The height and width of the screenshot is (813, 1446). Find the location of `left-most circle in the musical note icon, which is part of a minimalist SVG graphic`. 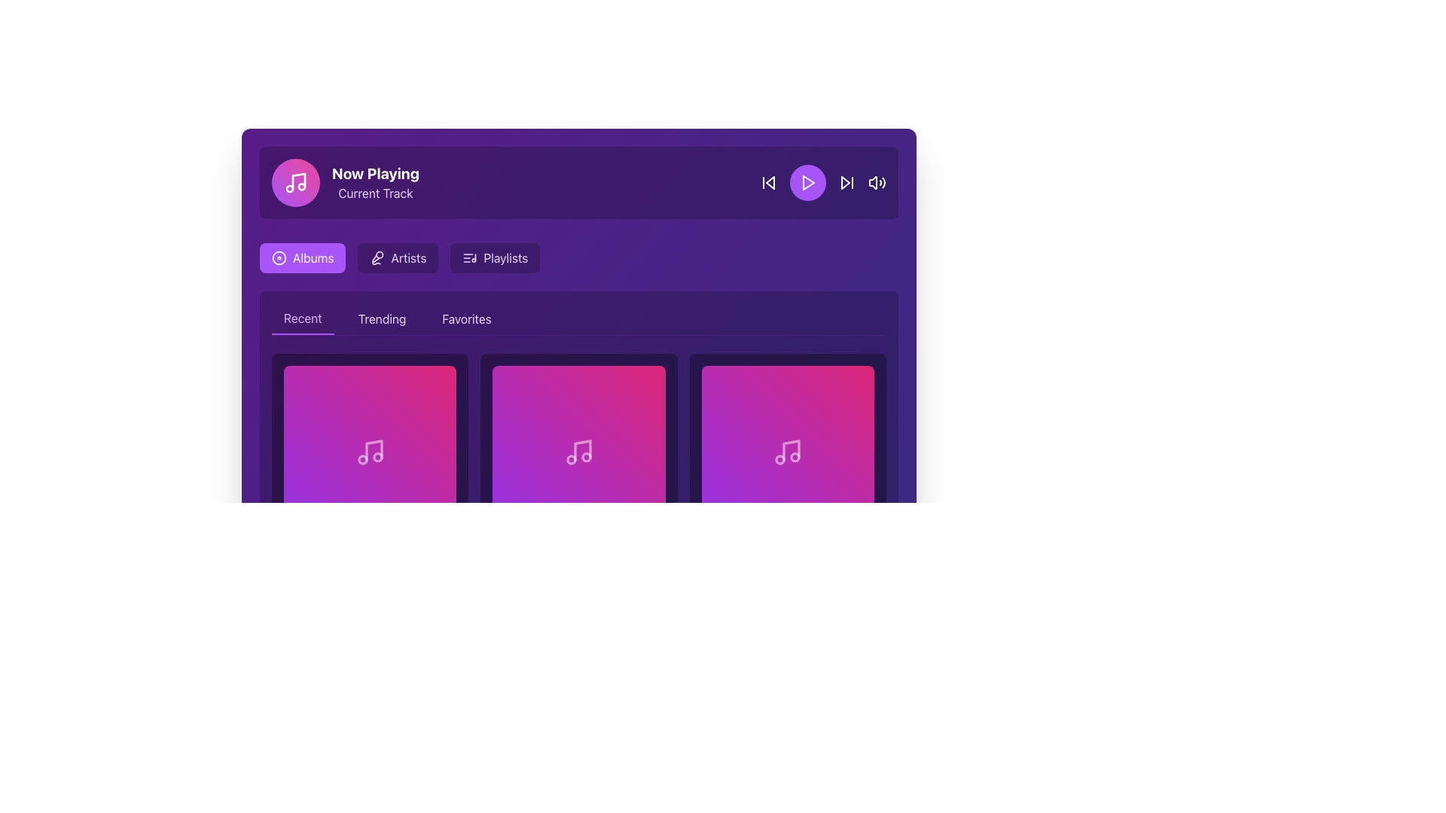

left-most circle in the musical note icon, which is part of a minimalist SVG graphic is located at coordinates (362, 458).